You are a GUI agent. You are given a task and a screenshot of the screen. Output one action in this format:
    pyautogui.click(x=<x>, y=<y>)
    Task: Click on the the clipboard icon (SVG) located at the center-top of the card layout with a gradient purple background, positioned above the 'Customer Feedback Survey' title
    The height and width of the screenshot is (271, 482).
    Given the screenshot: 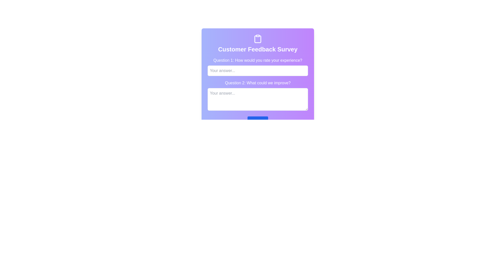 What is the action you would take?
    pyautogui.click(x=258, y=38)
    